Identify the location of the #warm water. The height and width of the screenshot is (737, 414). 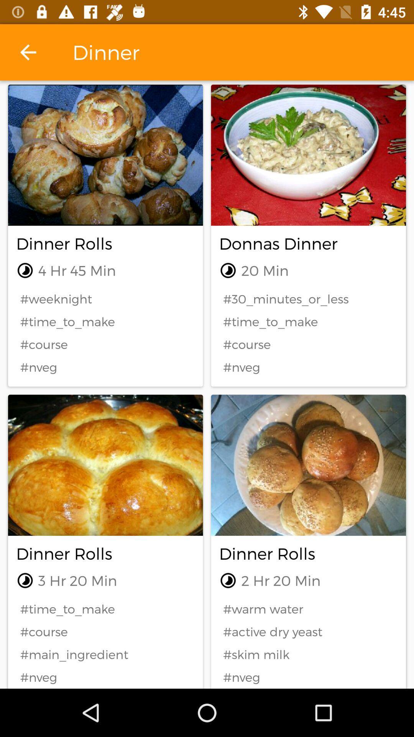
(308, 608).